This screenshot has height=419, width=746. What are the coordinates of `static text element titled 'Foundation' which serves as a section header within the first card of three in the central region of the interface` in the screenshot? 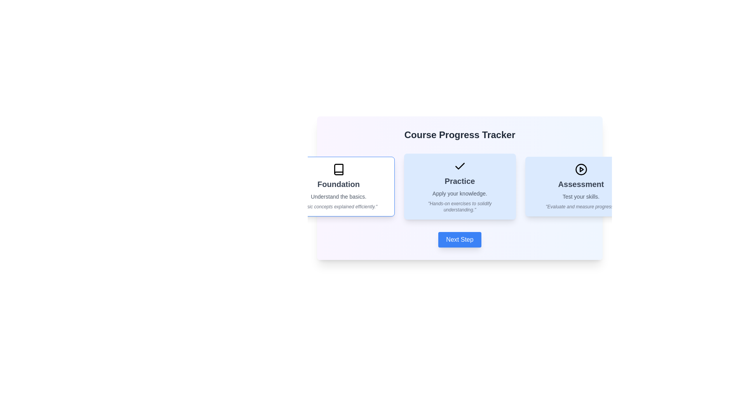 It's located at (338, 184).